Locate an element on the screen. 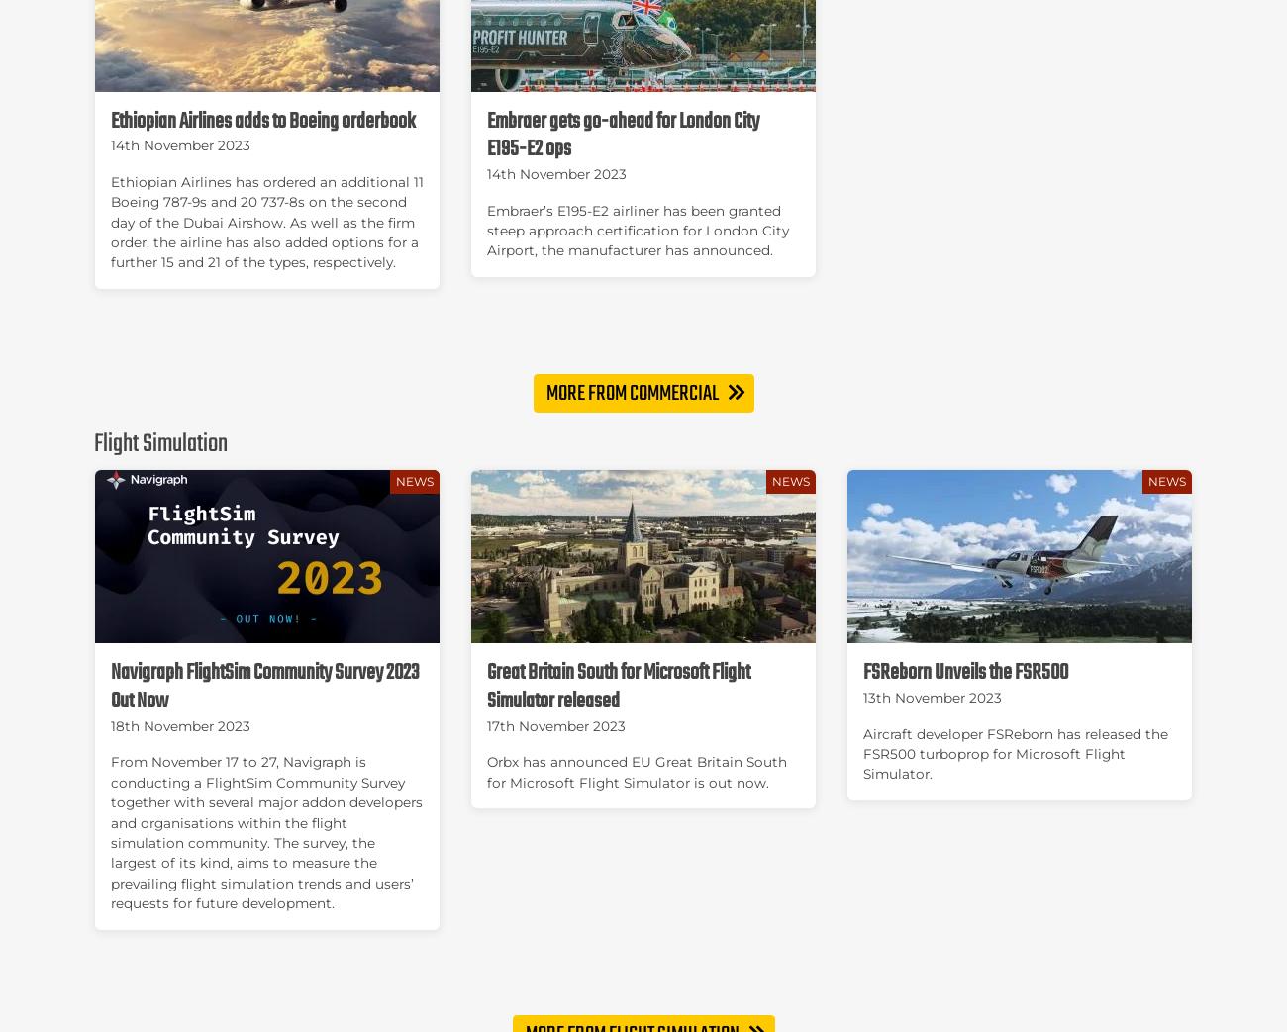 This screenshot has width=1287, height=1032. 'Flight Simulation' is located at coordinates (159, 442).